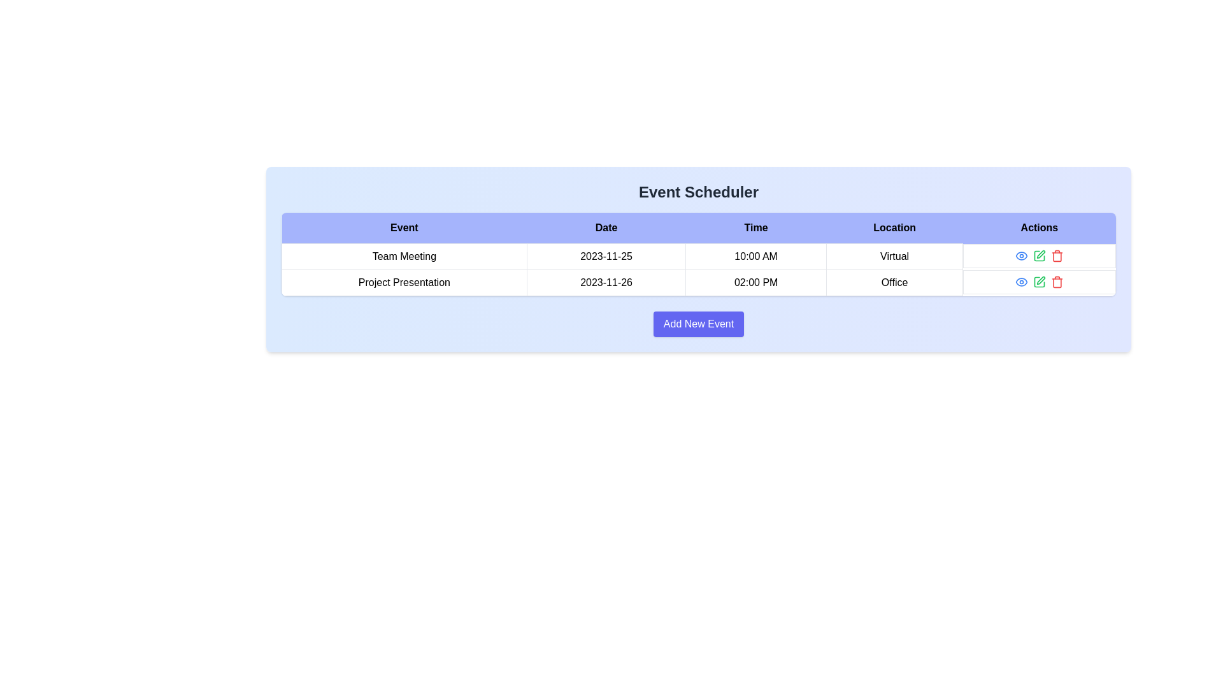  What do you see at coordinates (606, 282) in the screenshot?
I see `the static data display for the date associated with the corresponding event in the second cell of the second row under the 'Date' column` at bounding box center [606, 282].